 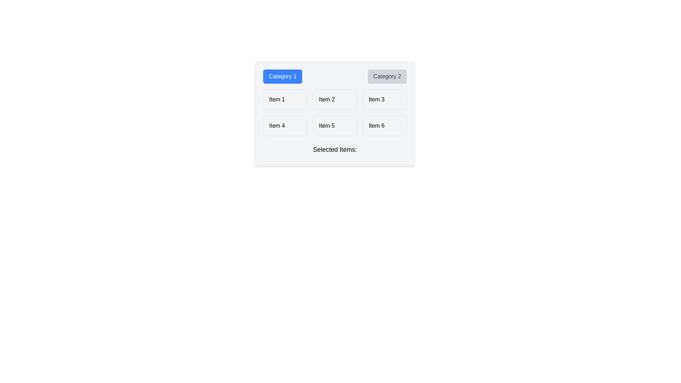 I want to click on the fourth item in the selectable list, positioned in the second row, first column, so click(x=285, y=125).